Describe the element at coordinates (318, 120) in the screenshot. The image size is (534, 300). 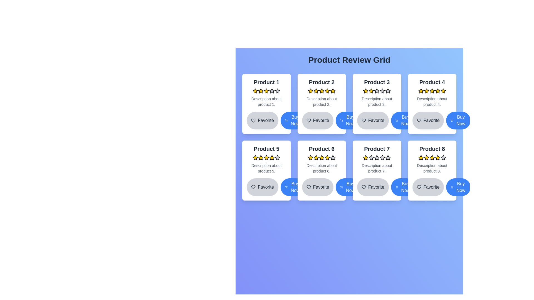
I see `the 'Favorite' button located below the 'Product 2' description card in the second column of the first row` at that location.